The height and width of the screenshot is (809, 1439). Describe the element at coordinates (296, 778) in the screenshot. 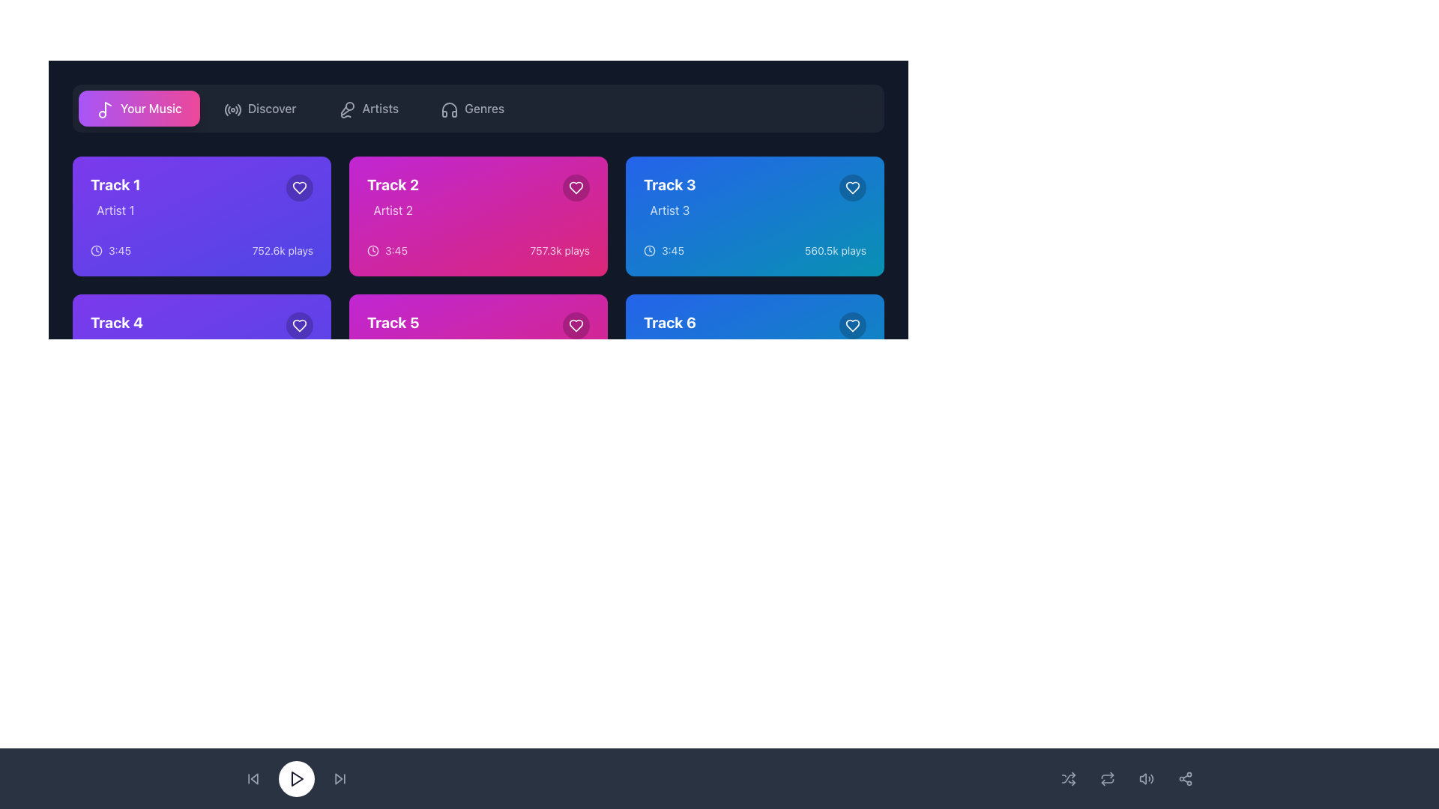

I see `the triangular play button icon, which is centered within a circular white button at the bottom center of the interface` at that location.